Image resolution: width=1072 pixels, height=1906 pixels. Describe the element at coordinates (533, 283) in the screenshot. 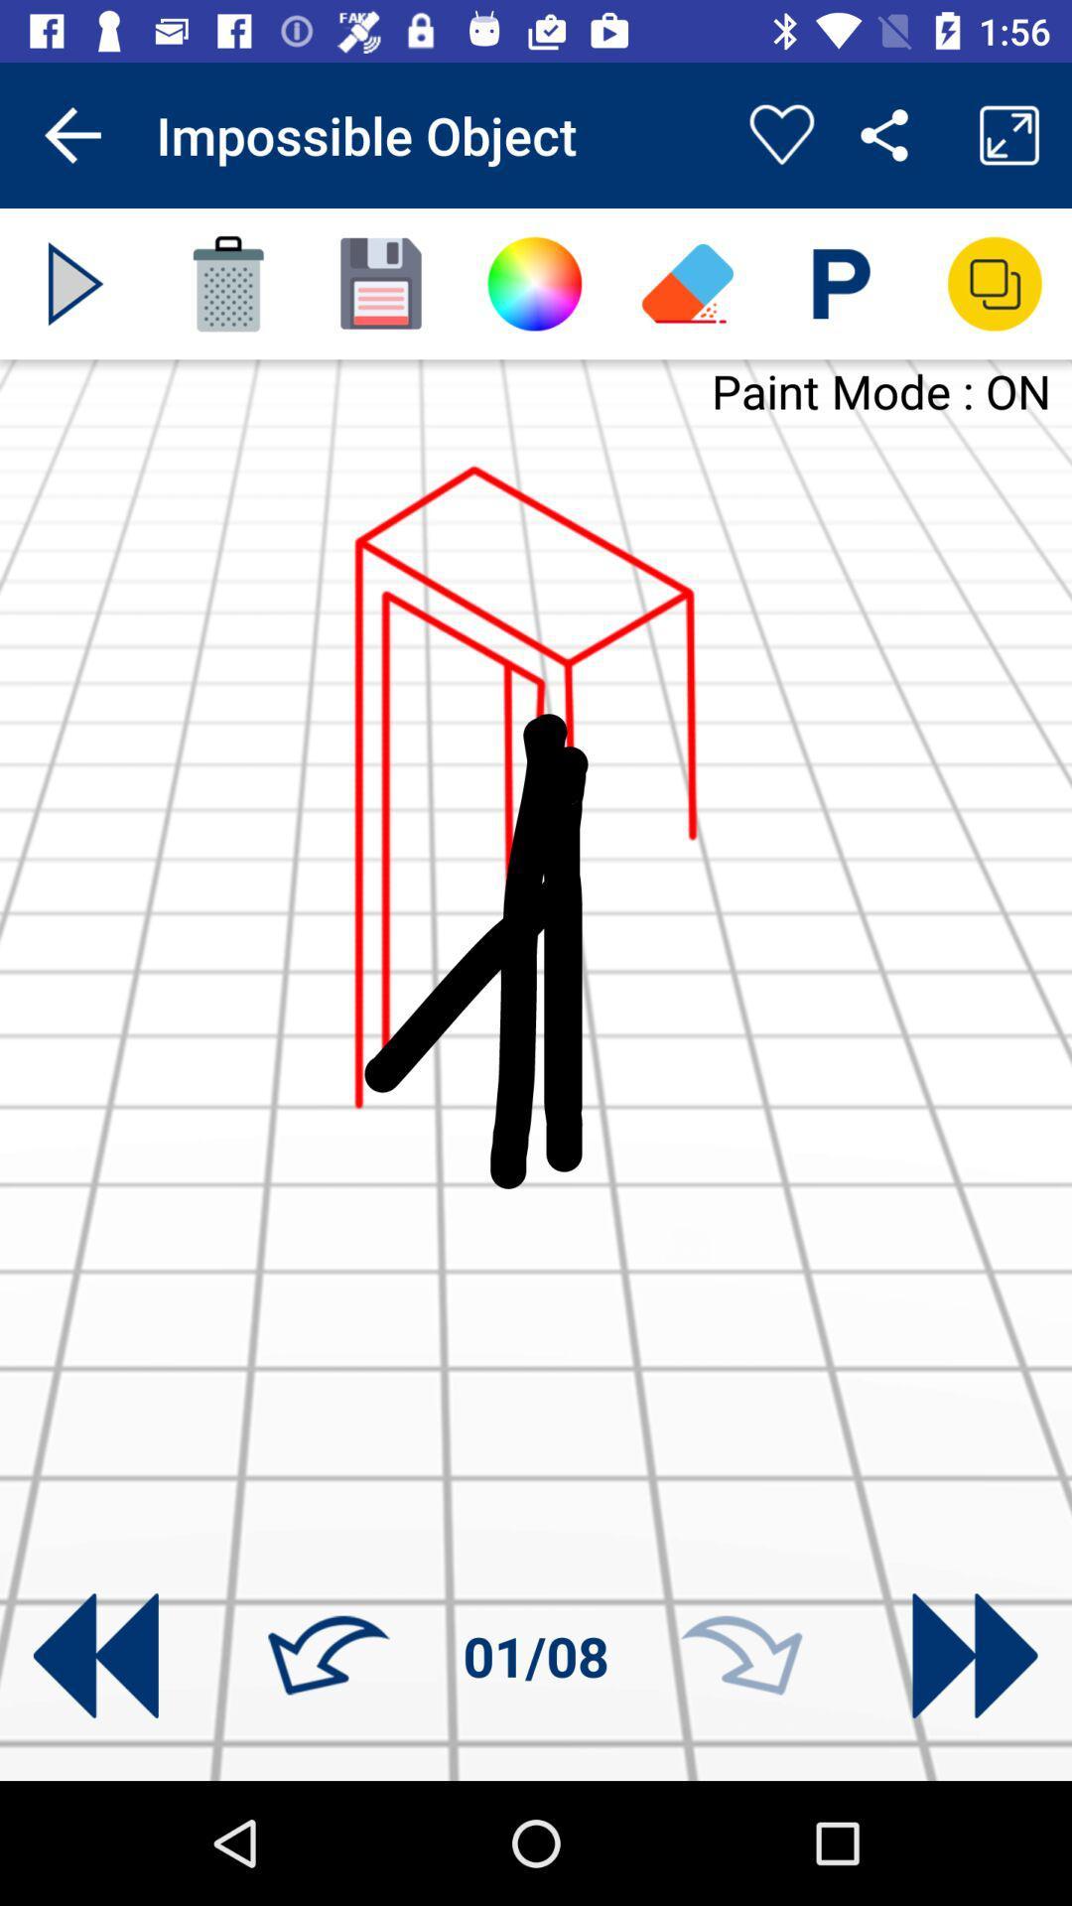

I see `the avatar icon` at that location.